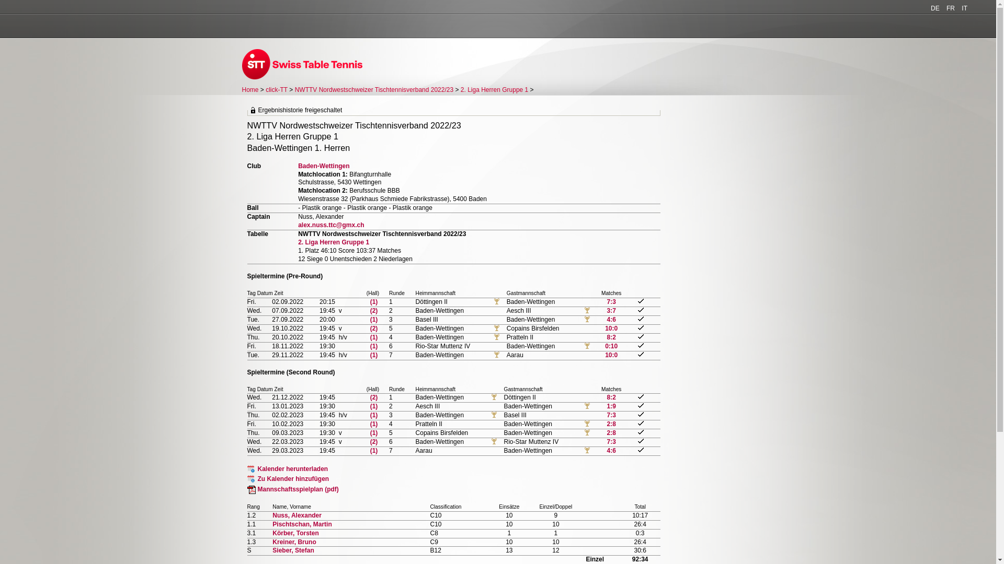 Image resolution: width=1004 pixels, height=564 pixels. I want to click on 'click-TT', so click(276, 89).